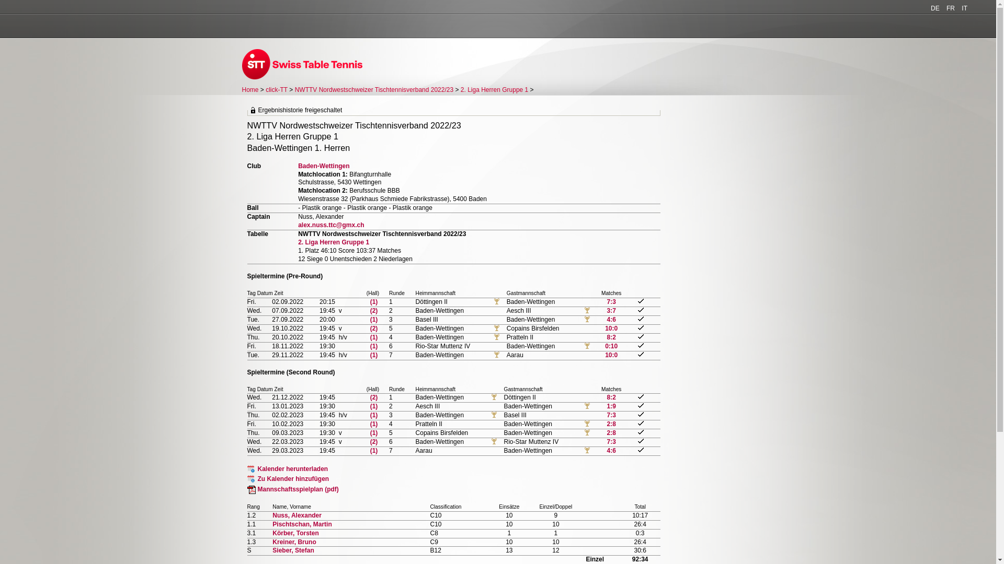 Image resolution: width=1004 pixels, height=564 pixels. I want to click on 'click-TT', so click(276, 89).